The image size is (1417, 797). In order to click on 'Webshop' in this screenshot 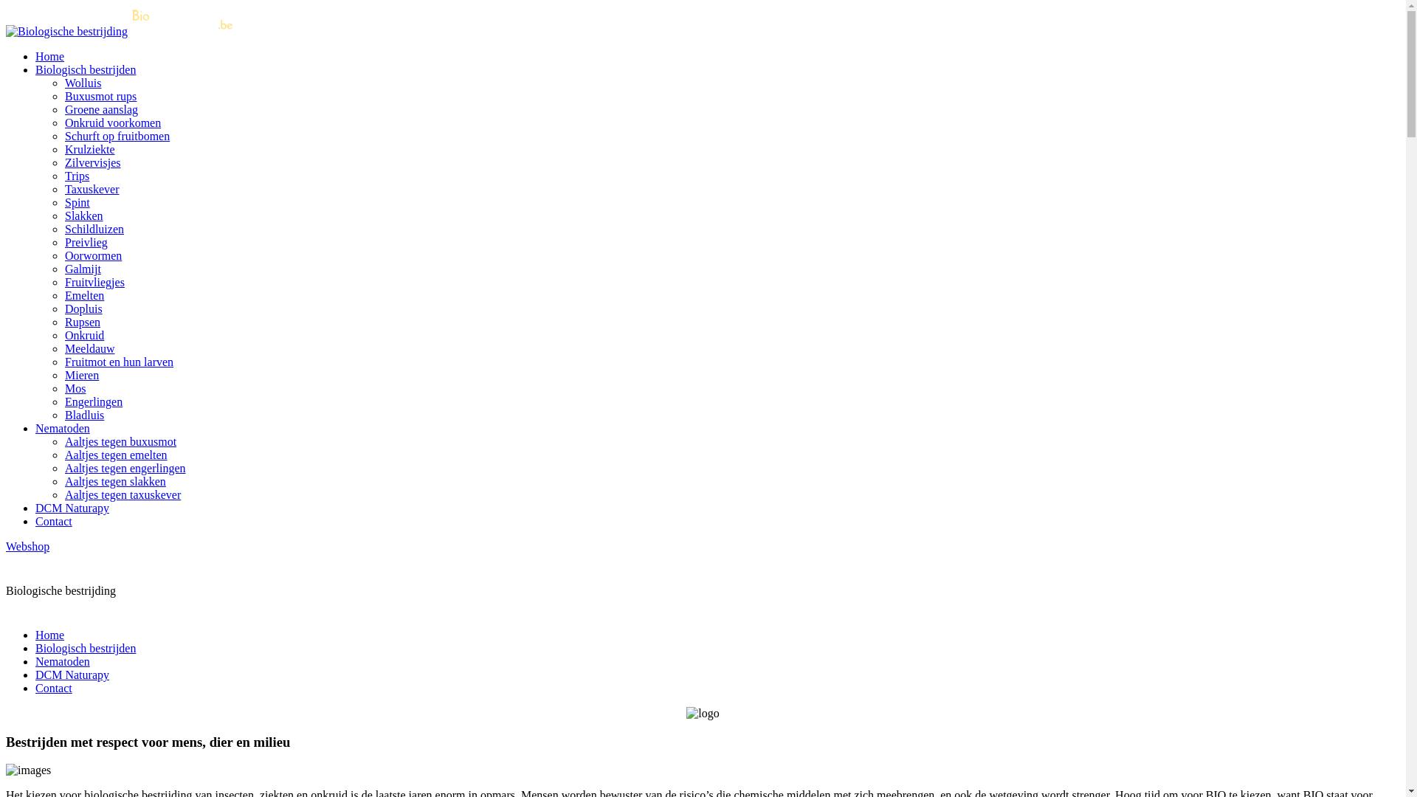, I will do `click(27, 546)`.